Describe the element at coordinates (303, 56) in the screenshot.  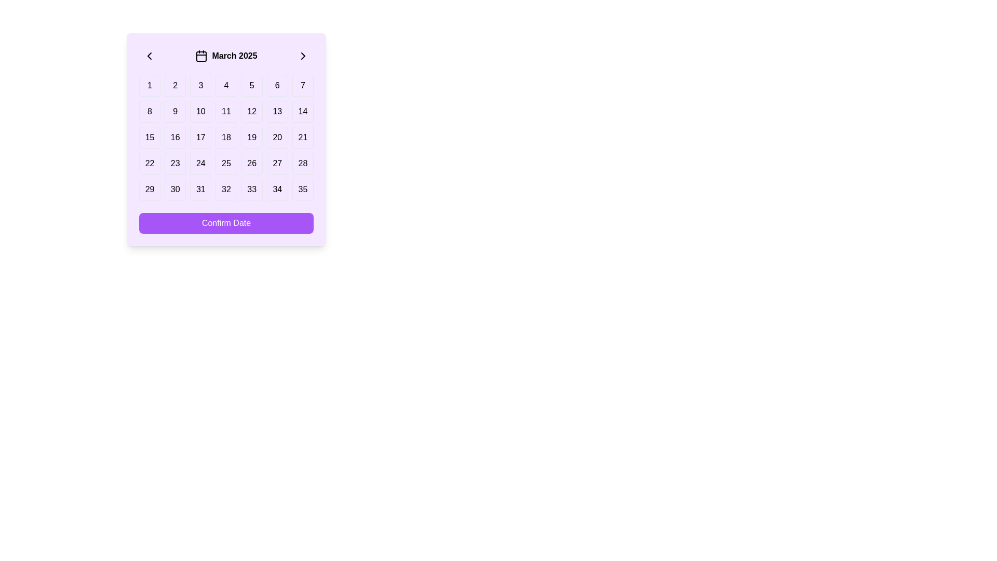
I see `the right arrow icon button located to the right of the 'March 2025' label in the calendar interface` at that location.